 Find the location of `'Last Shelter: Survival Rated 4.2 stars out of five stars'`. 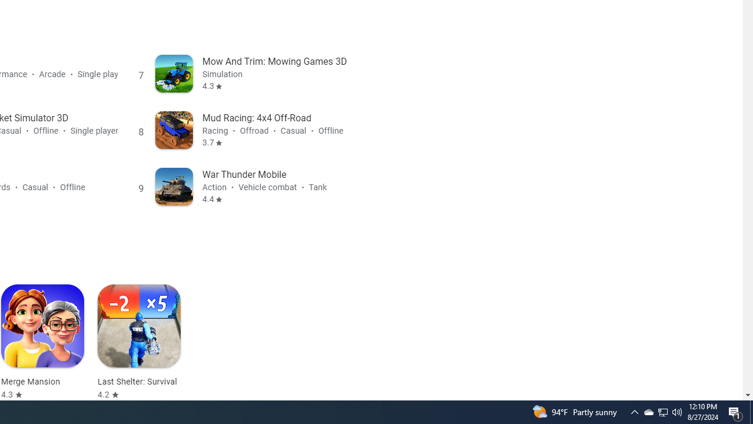

'Last Shelter: Survival Rated 4.2 stars out of five stars' is located at coordinates (139, 342).